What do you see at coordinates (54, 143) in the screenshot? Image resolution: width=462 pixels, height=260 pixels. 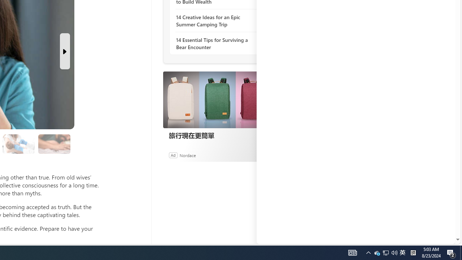 I see `'Class: progress'` at bounding box center [54, 143].